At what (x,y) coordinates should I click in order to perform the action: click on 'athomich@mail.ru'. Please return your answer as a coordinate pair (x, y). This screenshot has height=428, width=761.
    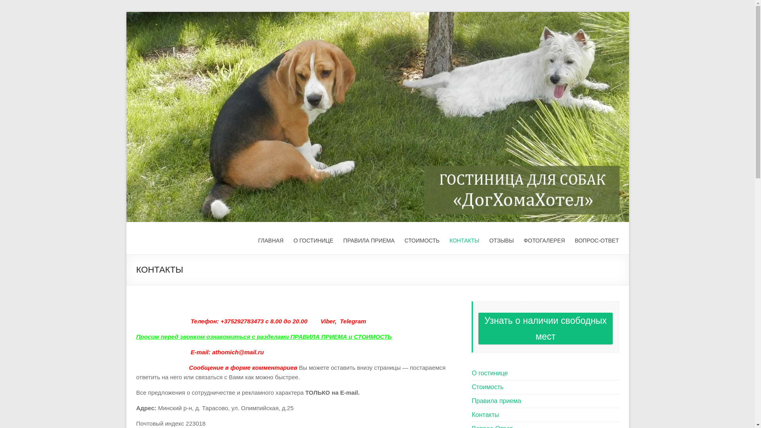
    Looking at the image, I should click on (237, 352).